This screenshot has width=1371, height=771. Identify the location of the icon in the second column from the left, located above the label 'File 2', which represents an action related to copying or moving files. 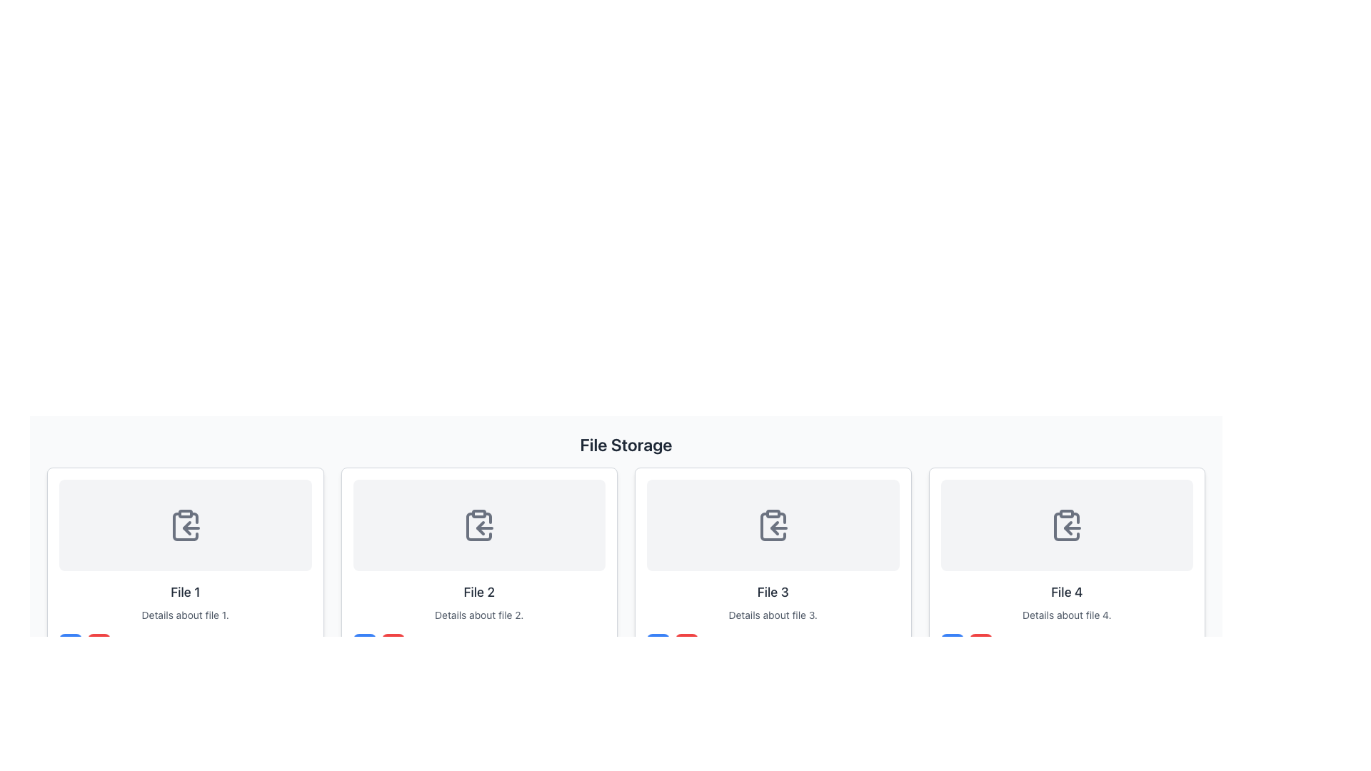
(479, 525).